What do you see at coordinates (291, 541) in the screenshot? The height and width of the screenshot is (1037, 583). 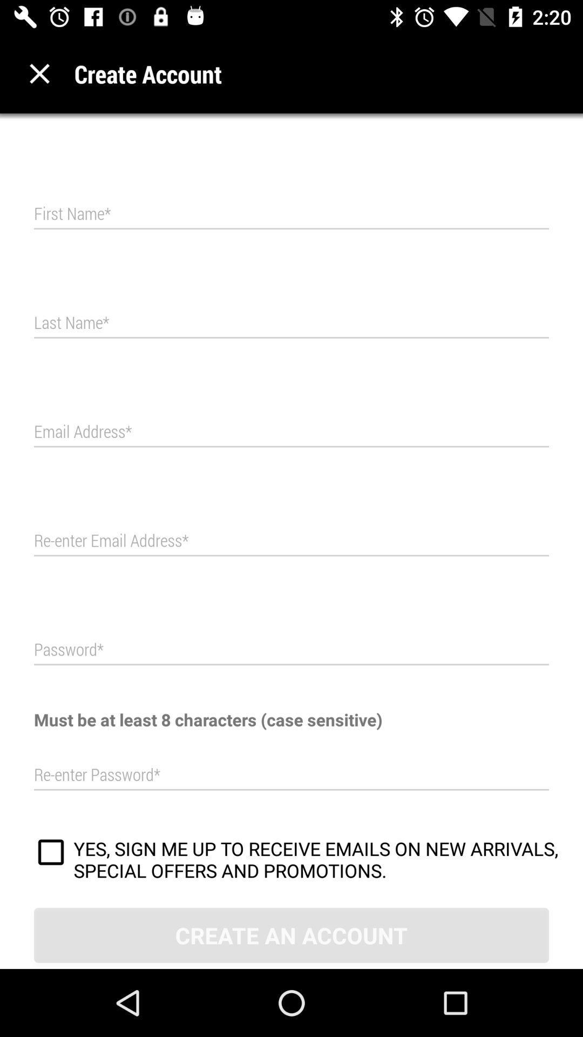 I see `info` at bounding box center [291, 541].